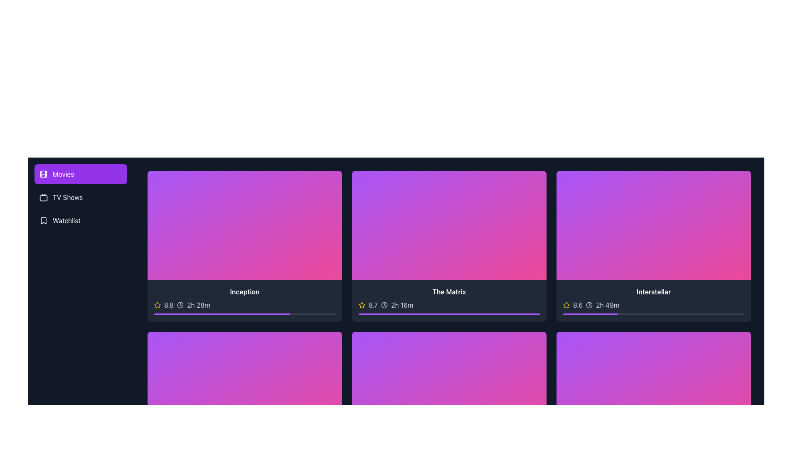 The height and width of the screenshot is (449, 798). Describe the element at coordinates (81, 174) in the screenshot. I see `the 'Movies' button located in the sidebar menu` at that location.